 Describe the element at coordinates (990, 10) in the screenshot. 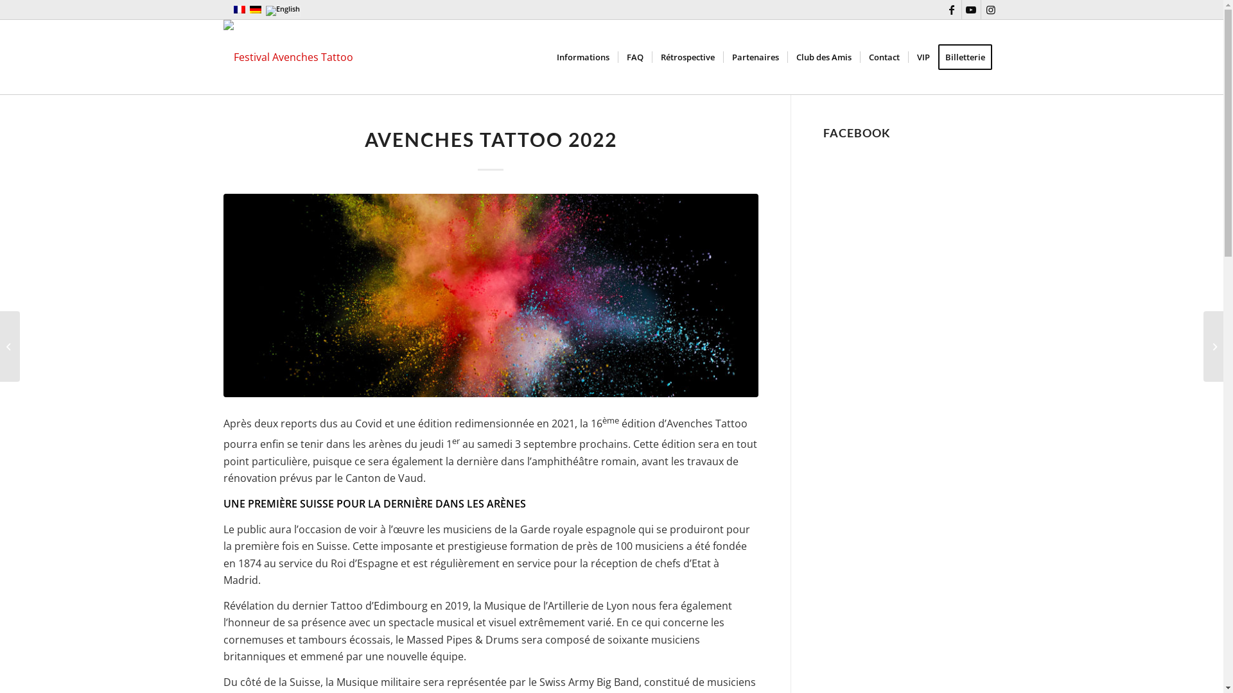

I see `'Instagram'` at that location.